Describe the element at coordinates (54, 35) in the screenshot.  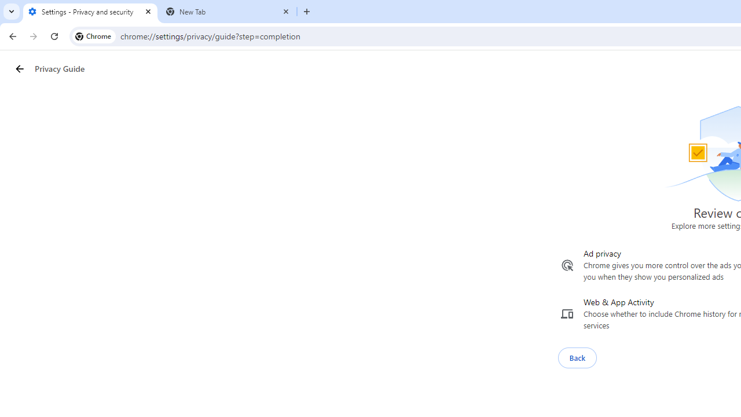
I see `'Reload'` at that location.